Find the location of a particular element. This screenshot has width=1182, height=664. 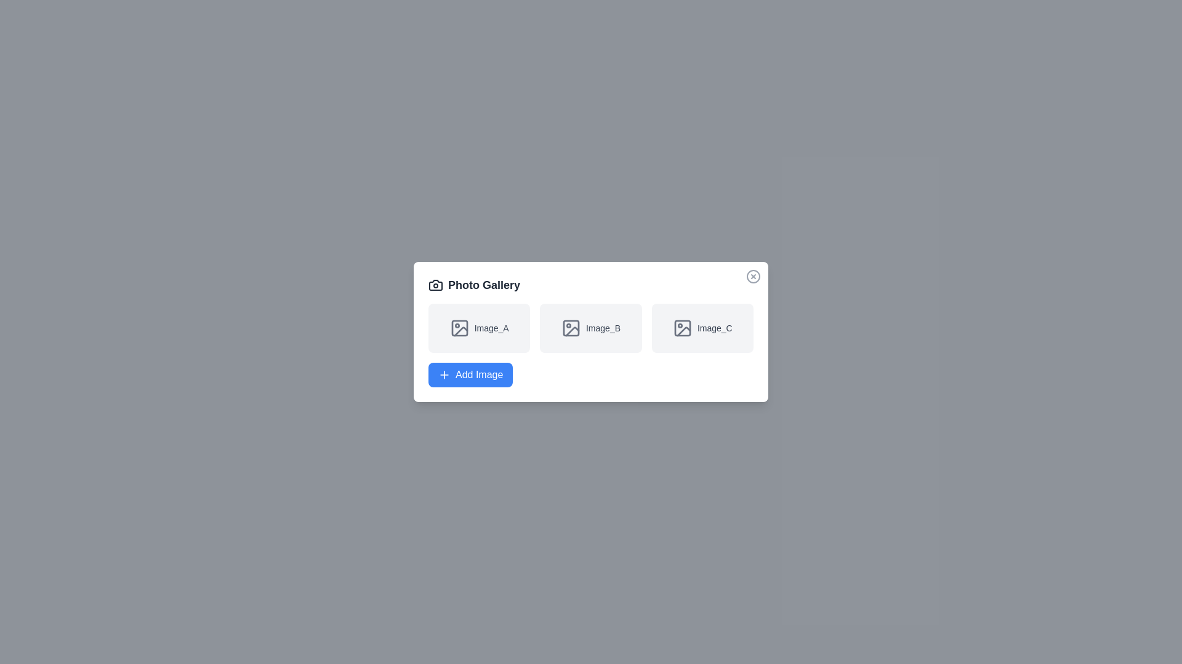

the close button to close the dialog is located at coordinates (753, 277).